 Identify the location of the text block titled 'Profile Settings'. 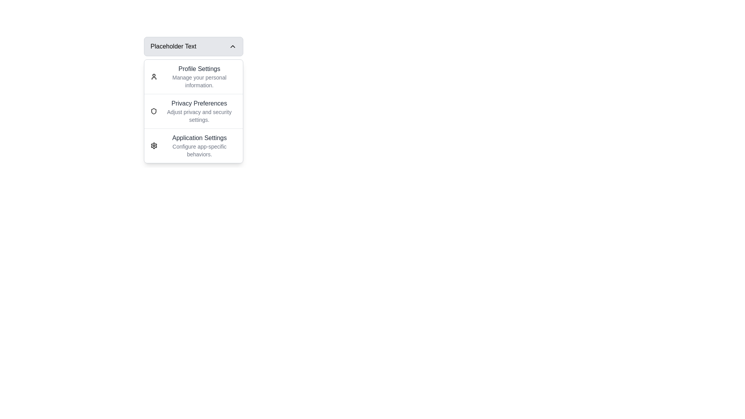
(199, 76).